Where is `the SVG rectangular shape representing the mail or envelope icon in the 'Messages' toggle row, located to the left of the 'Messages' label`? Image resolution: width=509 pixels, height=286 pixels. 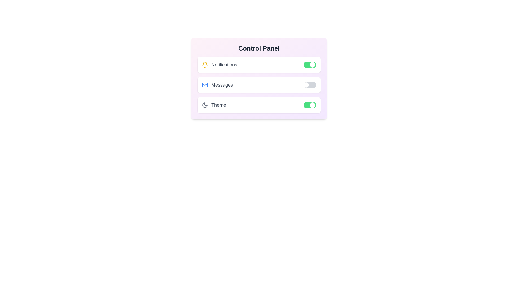
the SVG rectangular shape representing the mail or envelope icon in the 'Messages' toggle row, located to the left of the 'Messages' label is located at coordinates (204, 84).